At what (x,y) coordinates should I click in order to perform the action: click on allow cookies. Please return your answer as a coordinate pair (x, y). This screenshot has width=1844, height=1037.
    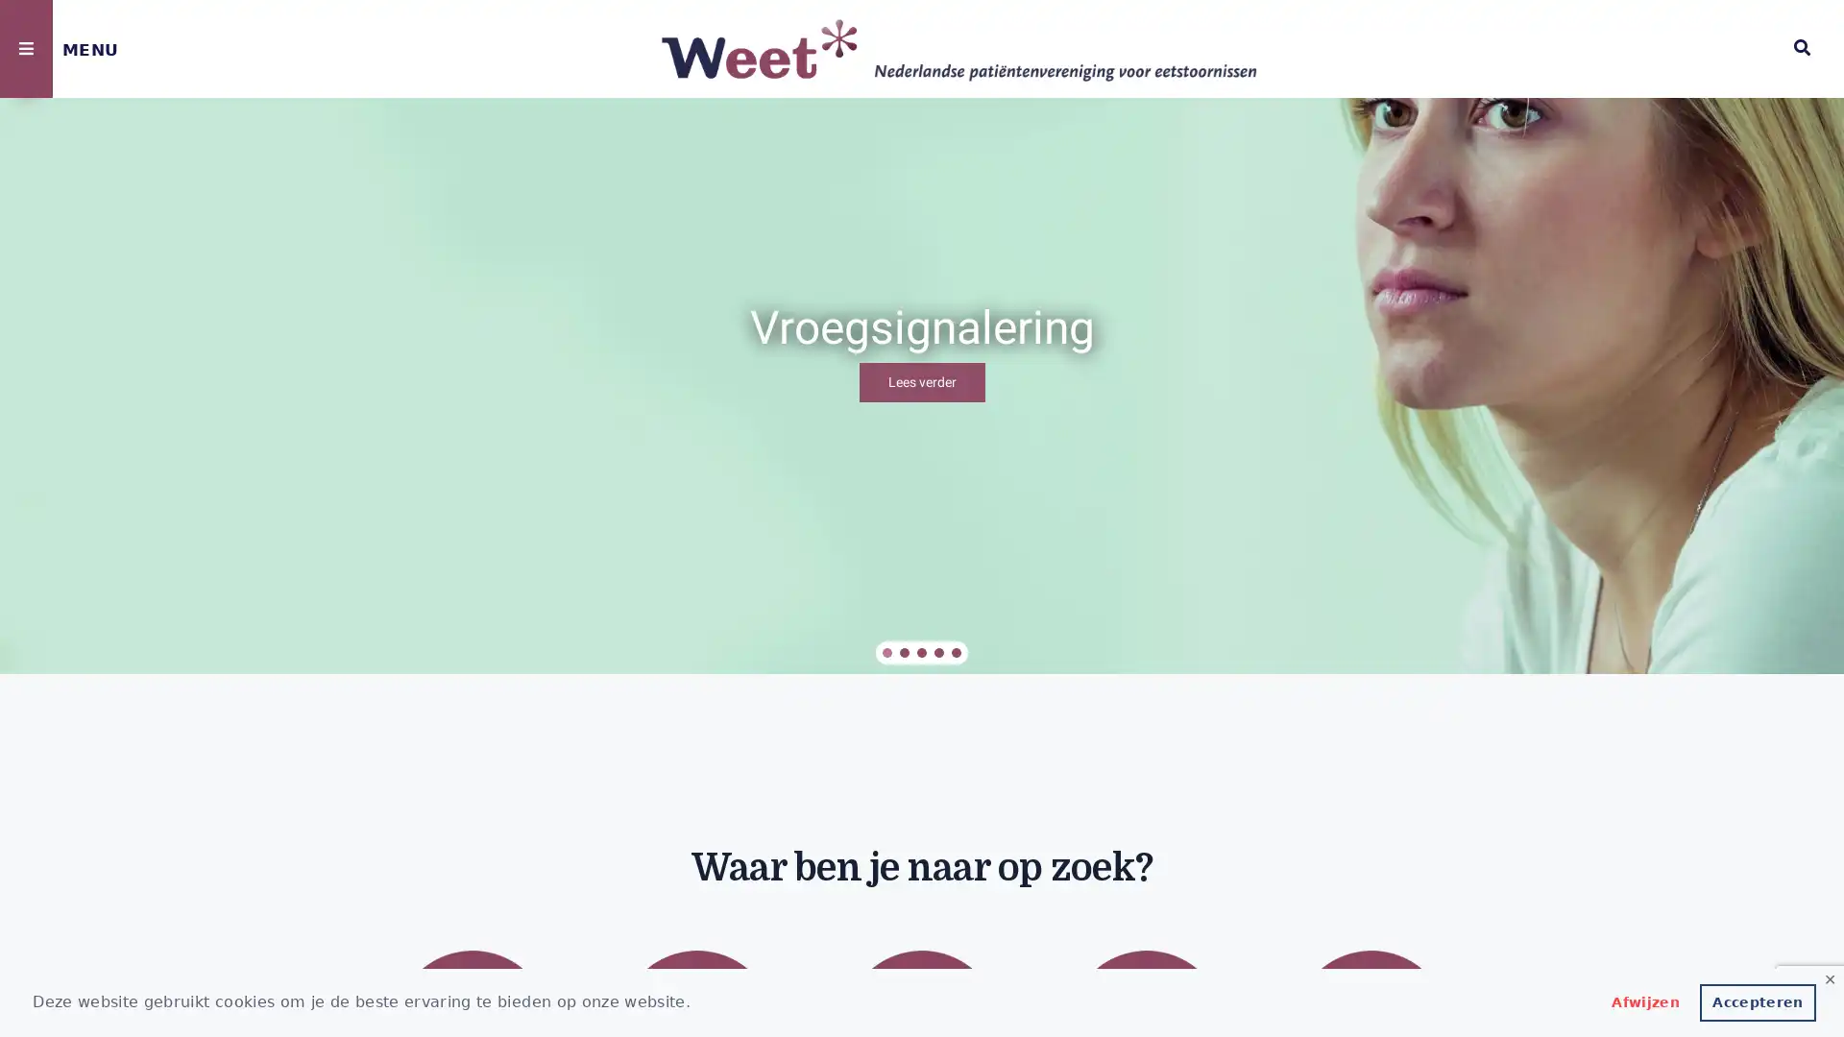
    Looking at the image, I should click on (1757, 1001).